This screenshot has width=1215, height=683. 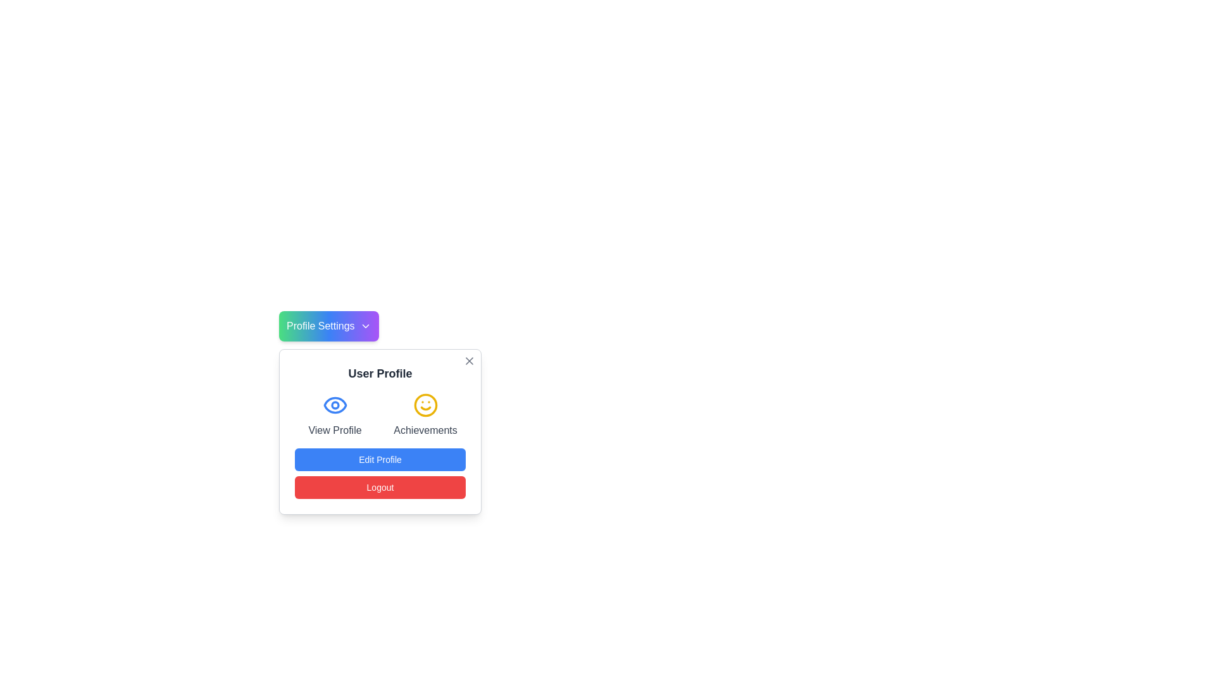 What do you see at coordinates (379, 473) in the screenshot?
I see `the 'Logout' button, which is the red button with white text located at the bottom of the stacked buttons in the 'User Profile' pop-up` at bounding box center [379, 473].